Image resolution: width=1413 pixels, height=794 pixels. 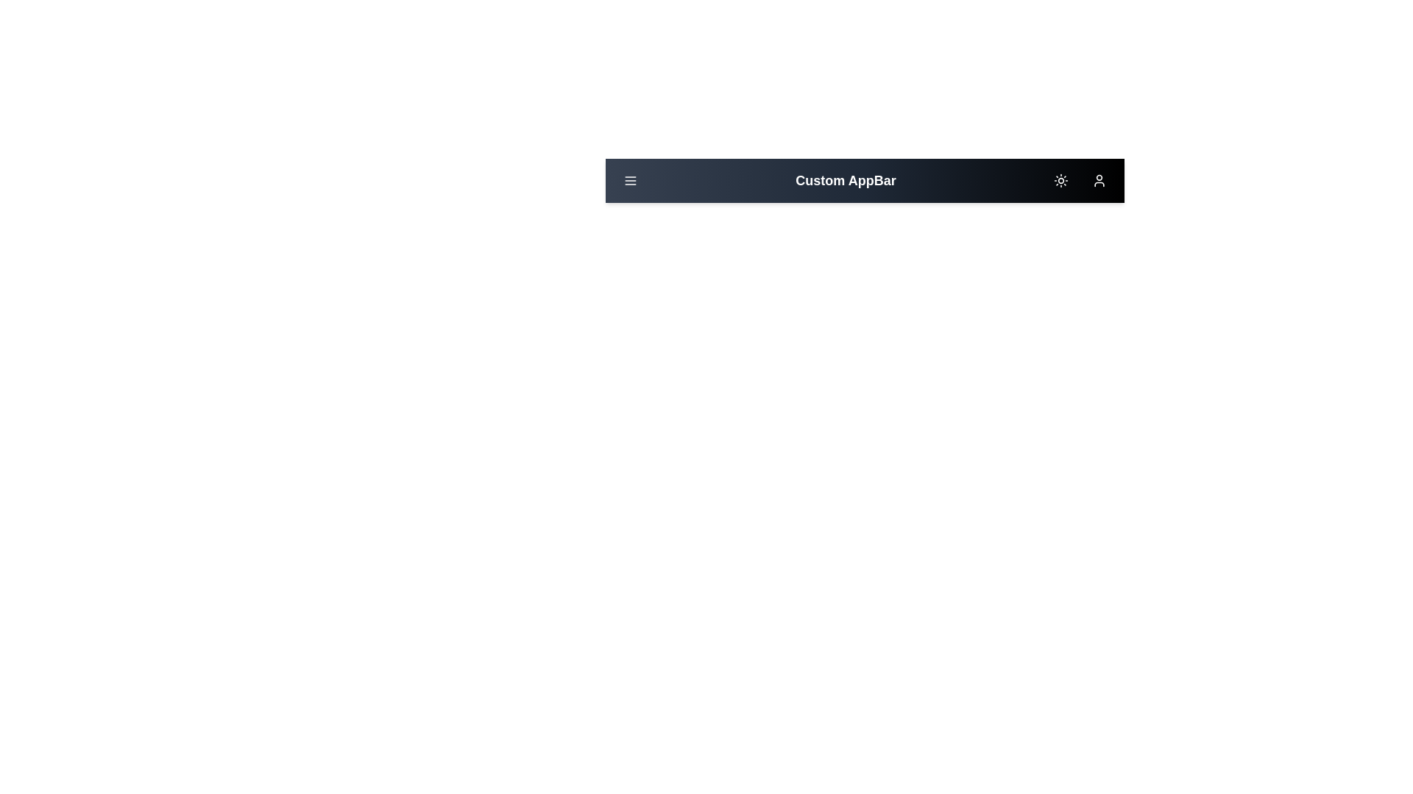 What do you see at coordinates (631, 180) in the screenshot?
I see `the menu button to toggle the menu` at bounding box center [631, 180].